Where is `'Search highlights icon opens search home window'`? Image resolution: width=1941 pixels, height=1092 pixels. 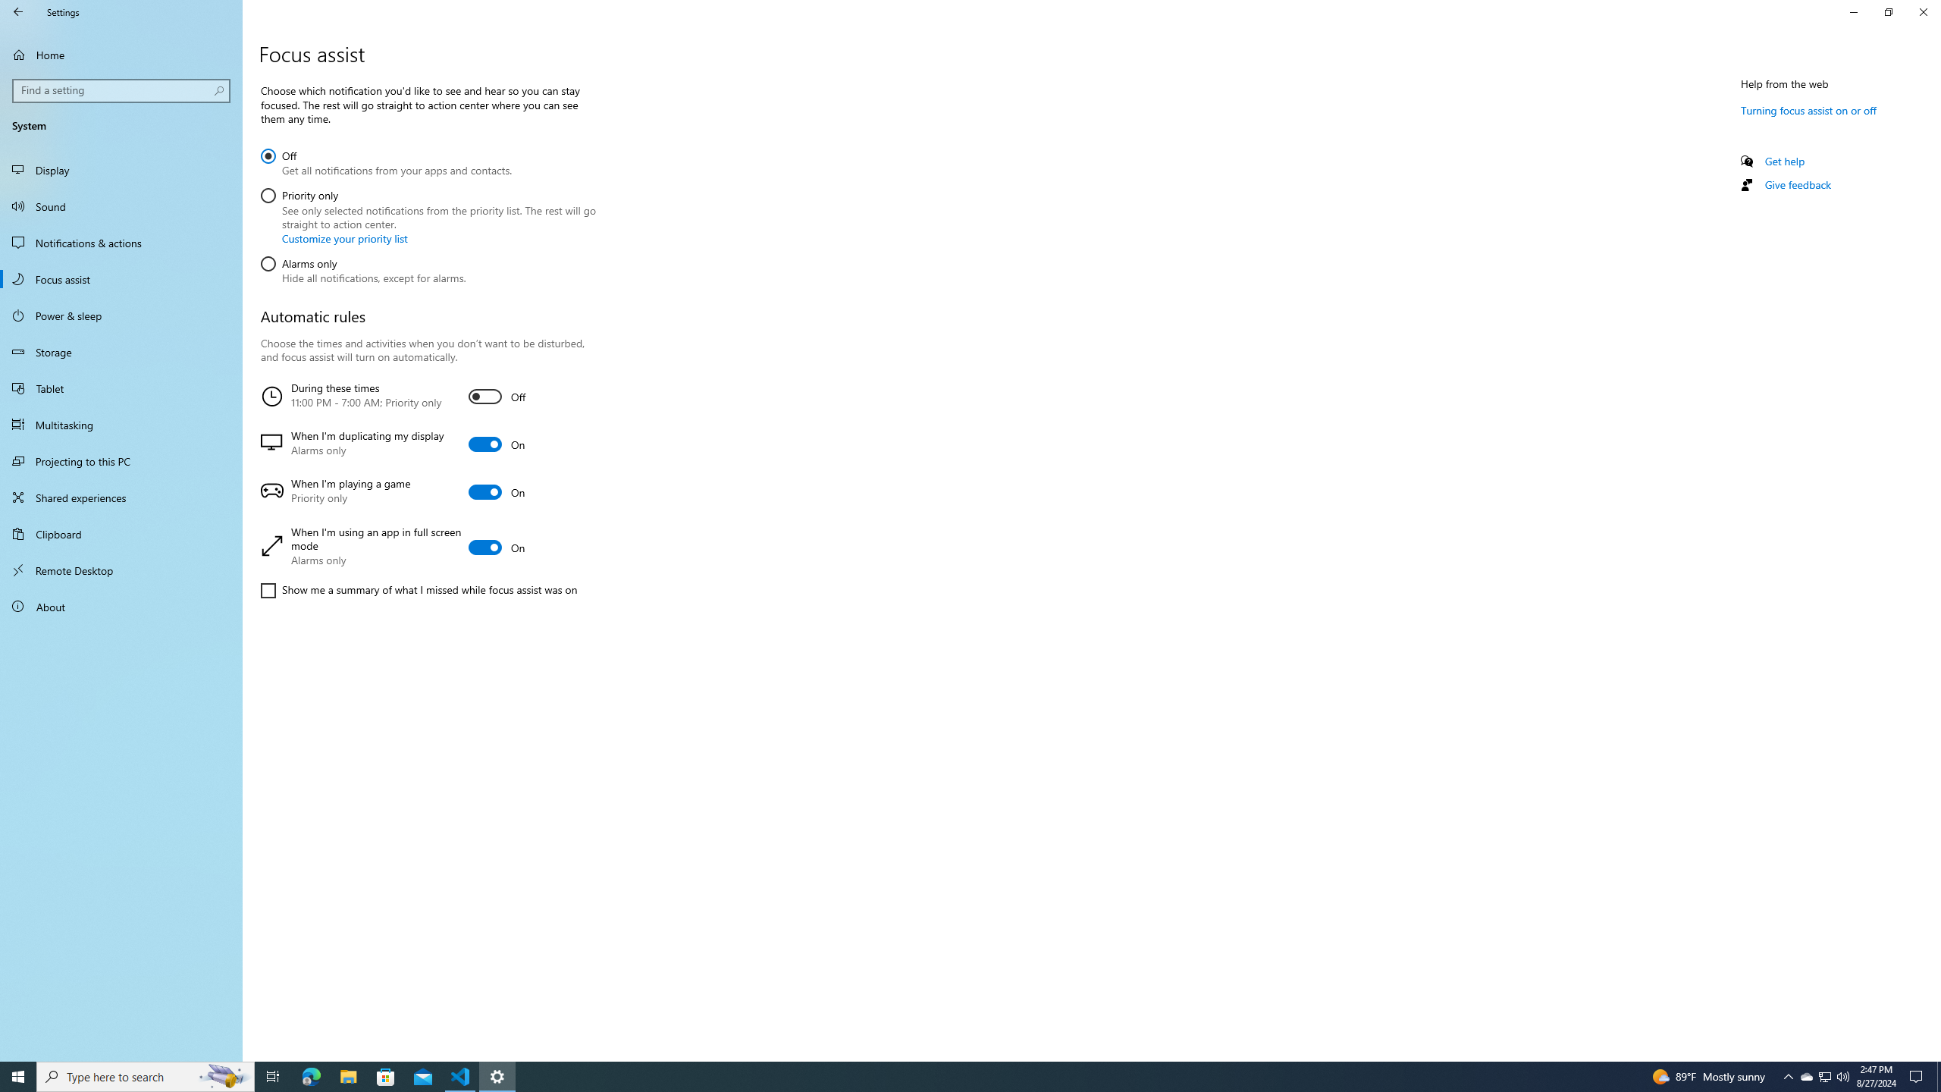
'Search highlights icon opens search home window' is located at coordinates (223, 1075).